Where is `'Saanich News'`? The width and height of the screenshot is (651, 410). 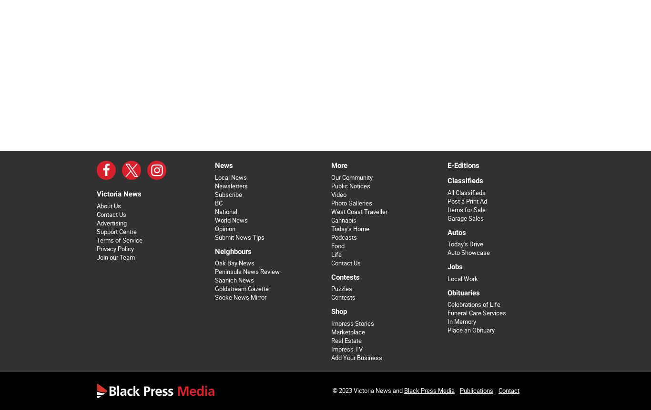 'Saanich News' is located at coordinates (234, 280).